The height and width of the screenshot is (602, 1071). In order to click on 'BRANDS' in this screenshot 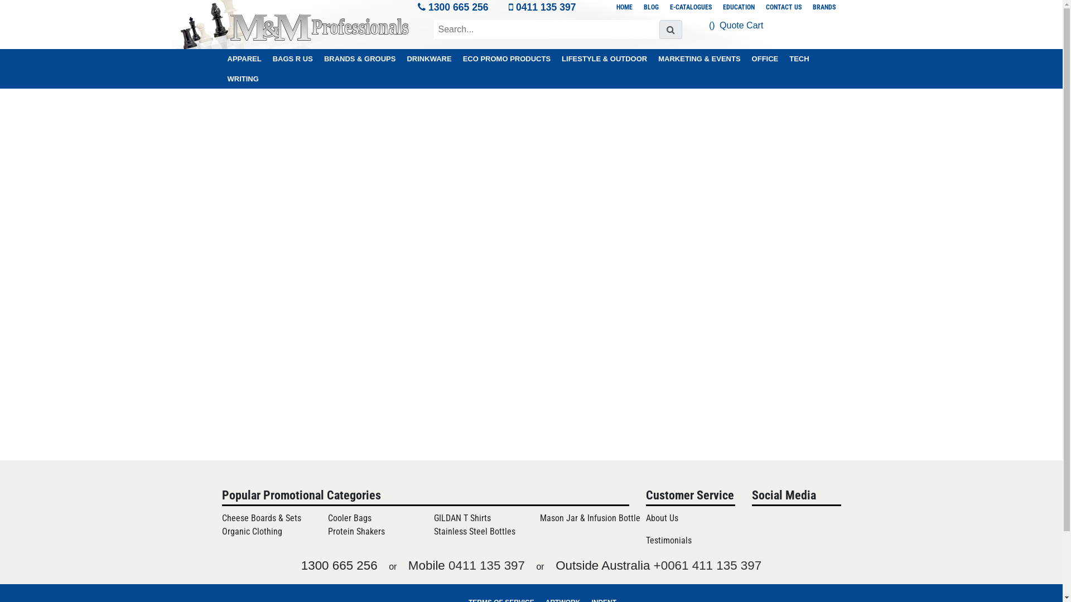, I will do `click(823, 7)`.